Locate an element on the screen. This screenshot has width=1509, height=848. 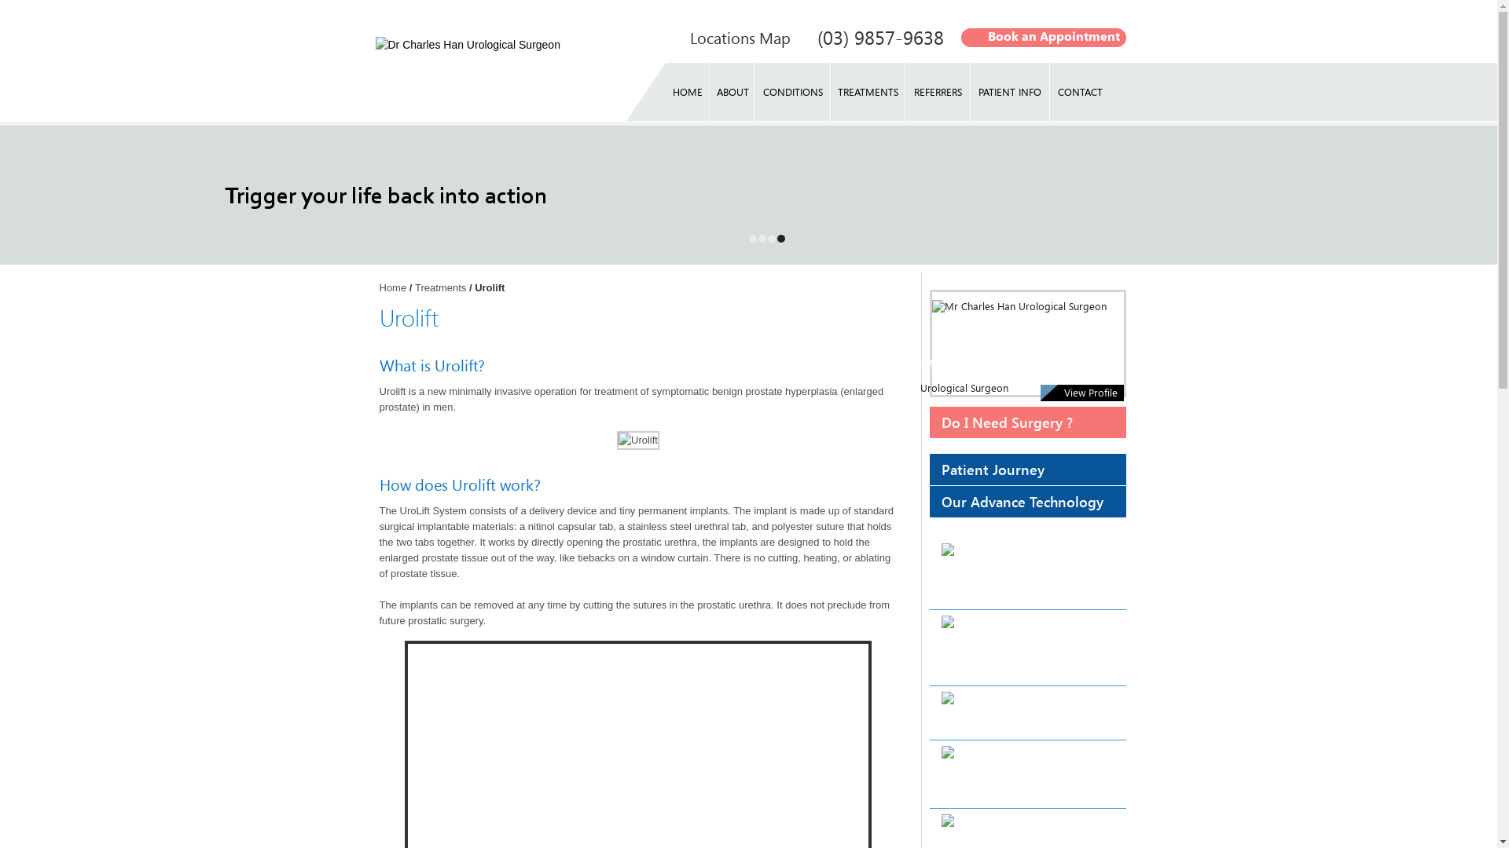
'Locations Map' is located at coordinates (739, 36).